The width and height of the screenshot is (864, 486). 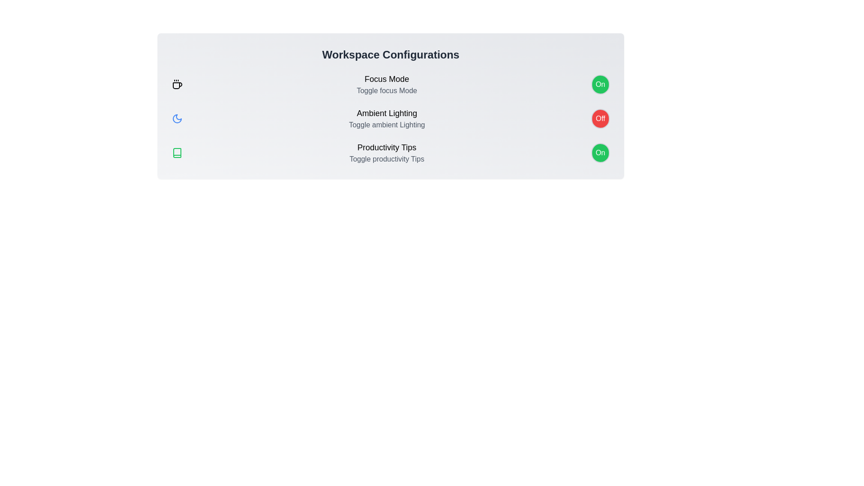 I want to click on the descriptive text for the configuration option Focus Mode, so click(x=387, y=79).